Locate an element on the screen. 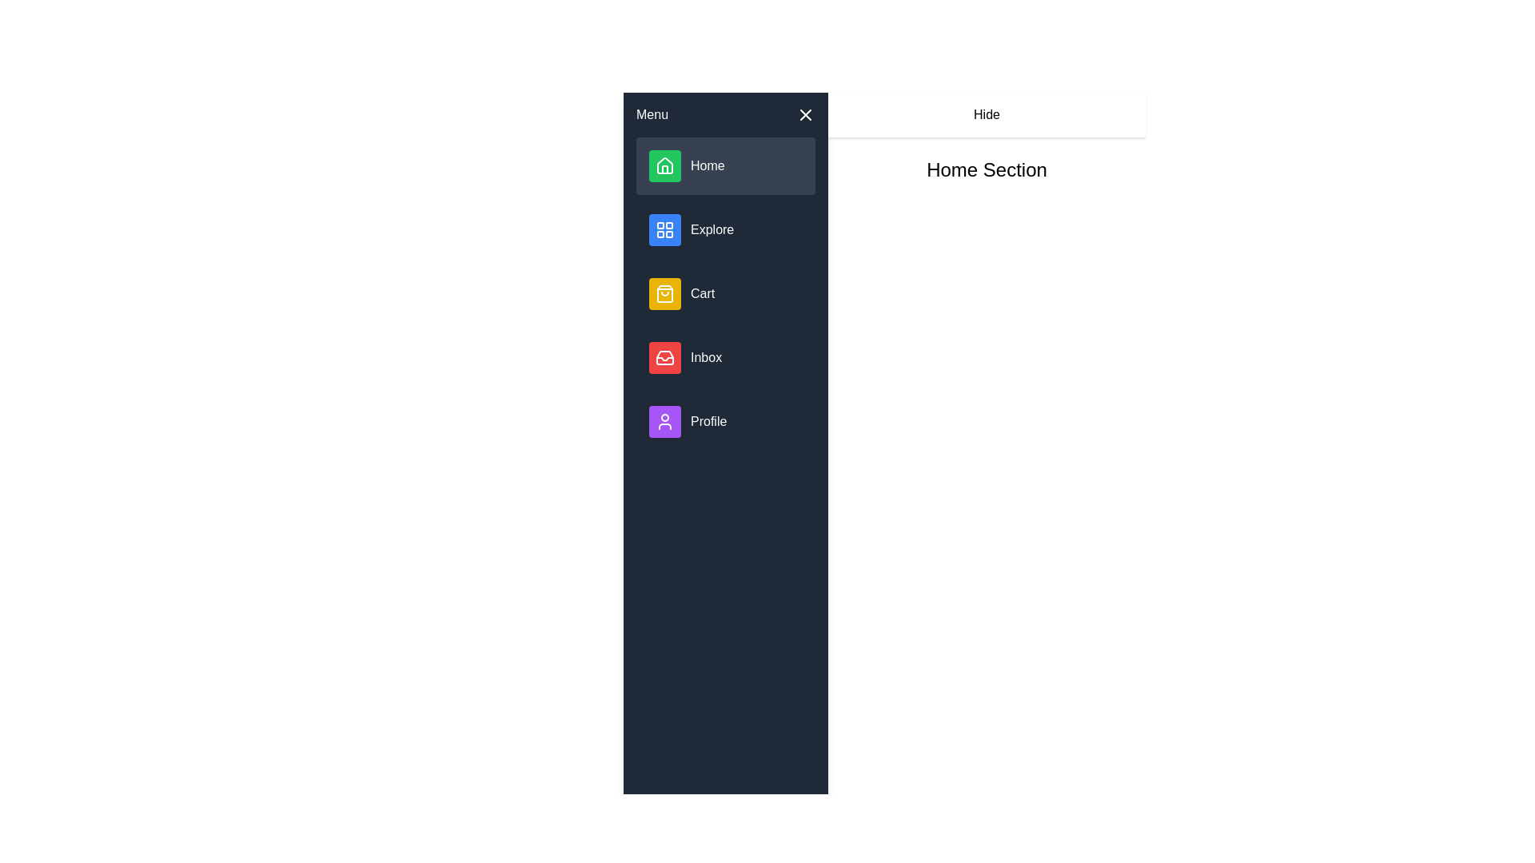 The image size is (1535, 863). the 'Explore' text label in the navigation menu, which is the rightmost part of the second item in the vertical list on the left side of the interface is located at coordinates (712, 230).